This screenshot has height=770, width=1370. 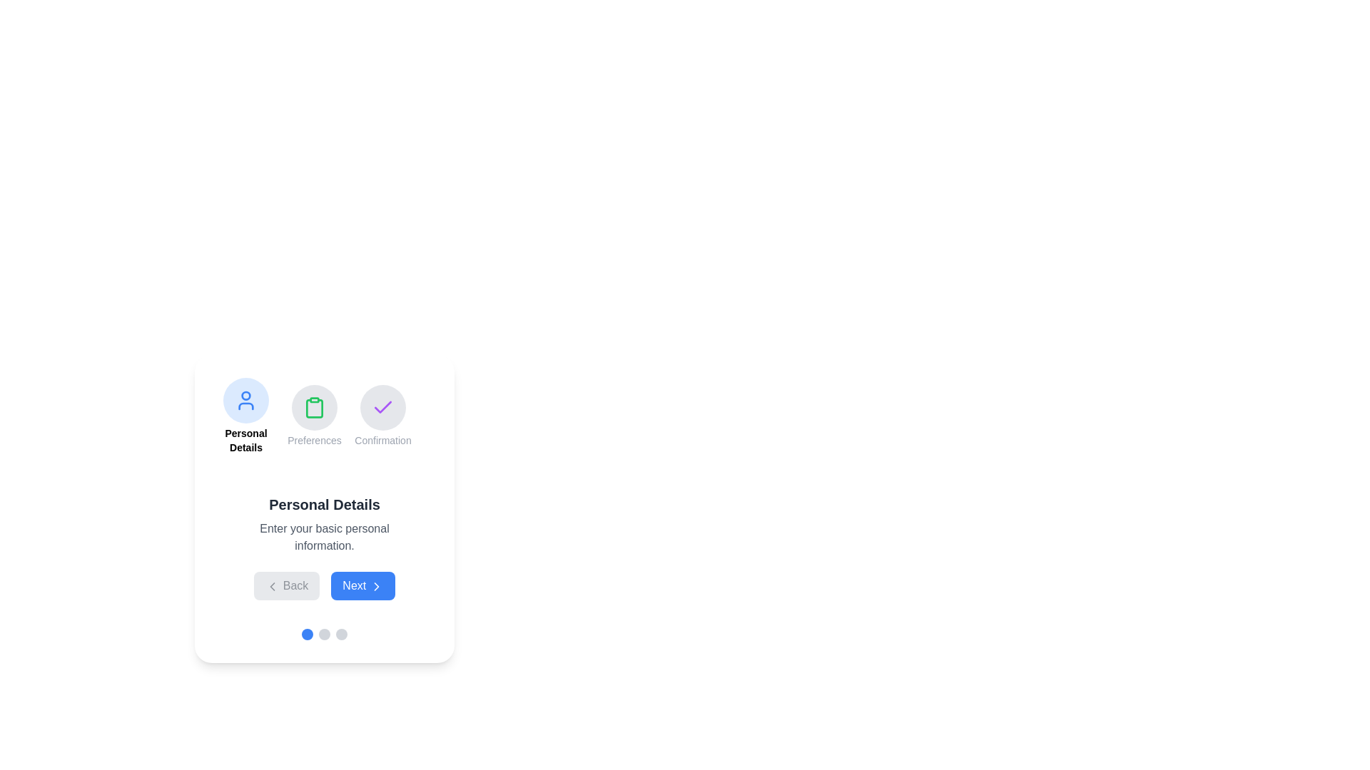 I want to click on the lower part of the user icon with a blue circular background in the 'Personal Details' section, which is represented as a rounded rectangle or semi-circle, so click(x=246, y=406).